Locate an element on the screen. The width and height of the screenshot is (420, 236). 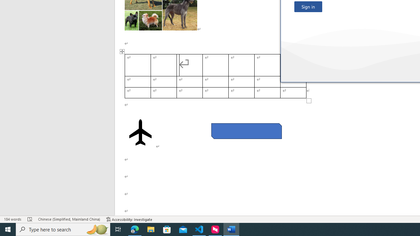
'Microsoft Edge - 1 running window' is located at coordinates (135, 229).